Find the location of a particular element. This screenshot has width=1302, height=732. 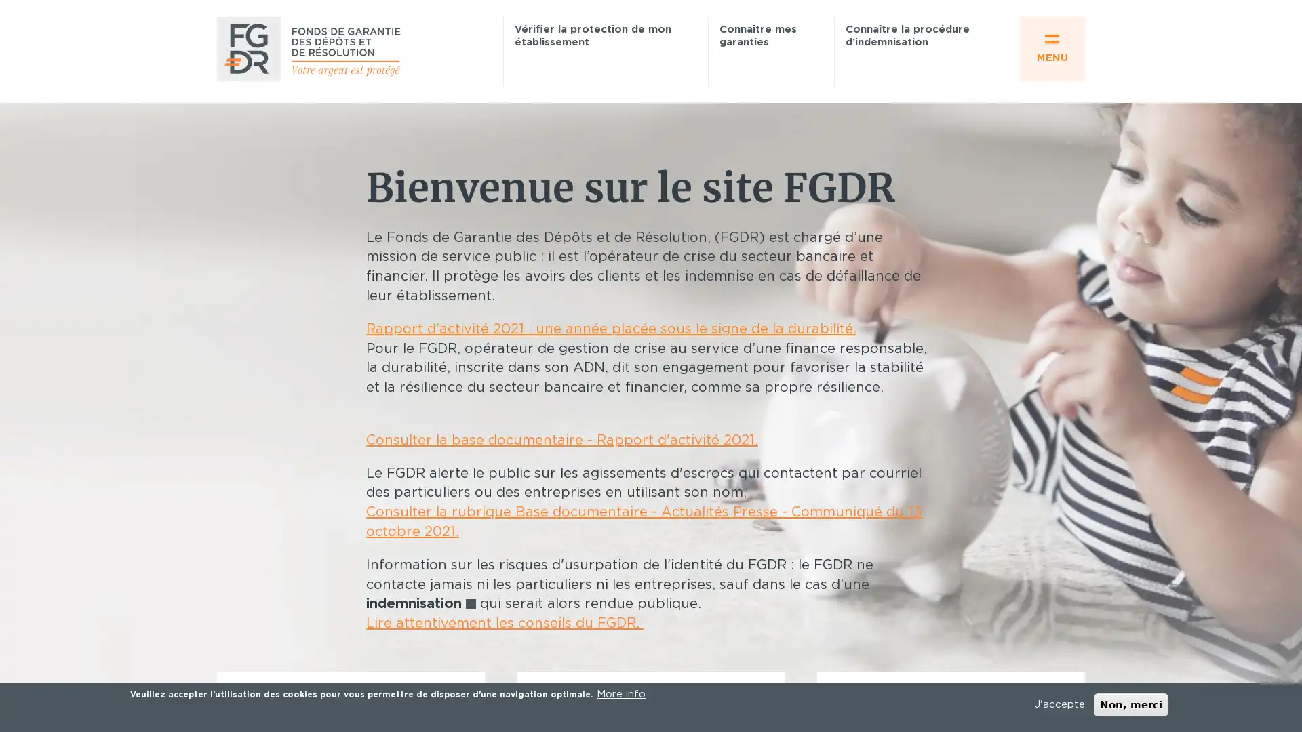

Lister les actions supplementaires is located at coordinates (1073, 319).